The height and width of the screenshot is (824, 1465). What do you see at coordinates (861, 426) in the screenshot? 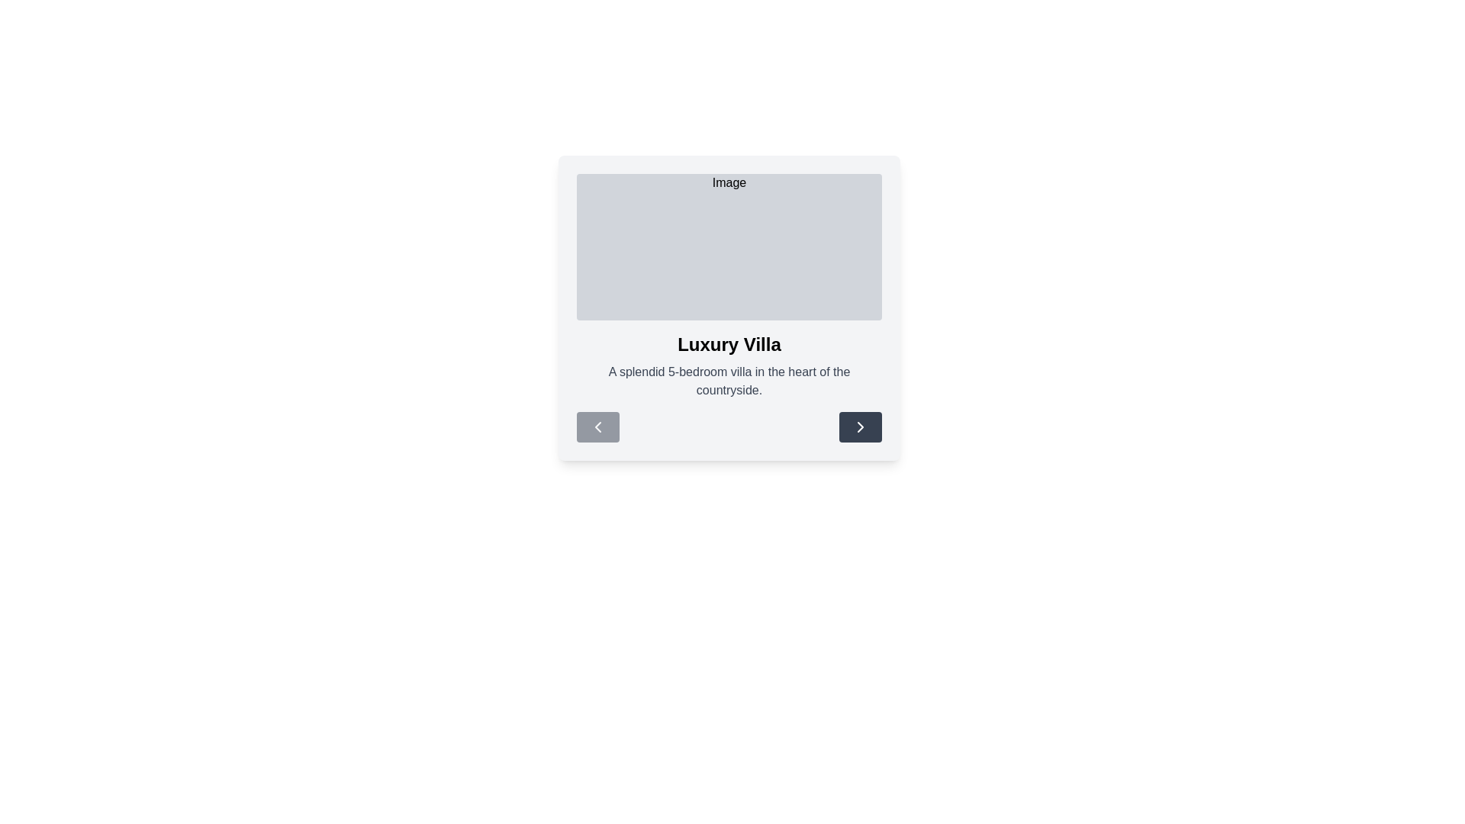
I see `the Chevron Arrow icon located at the bottom-right corner of the 'Luxury Villa' card` at bounding box center [861, 426].